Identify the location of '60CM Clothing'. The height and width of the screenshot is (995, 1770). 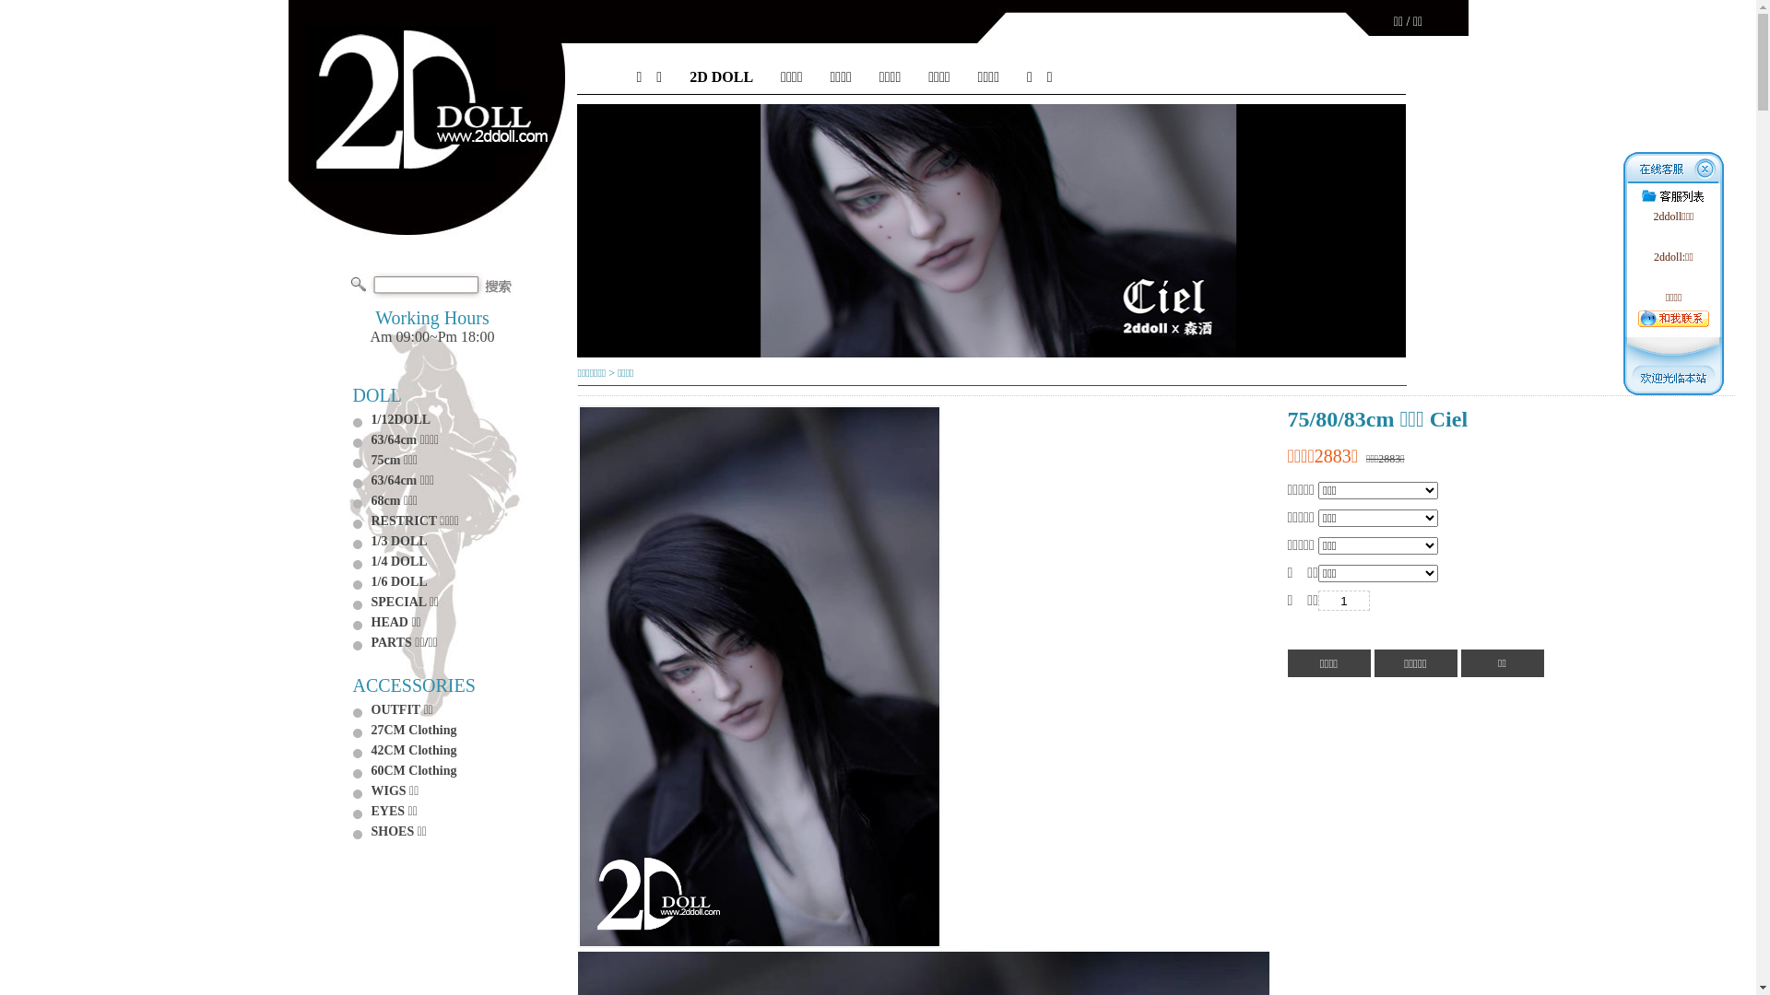
(412, 770).